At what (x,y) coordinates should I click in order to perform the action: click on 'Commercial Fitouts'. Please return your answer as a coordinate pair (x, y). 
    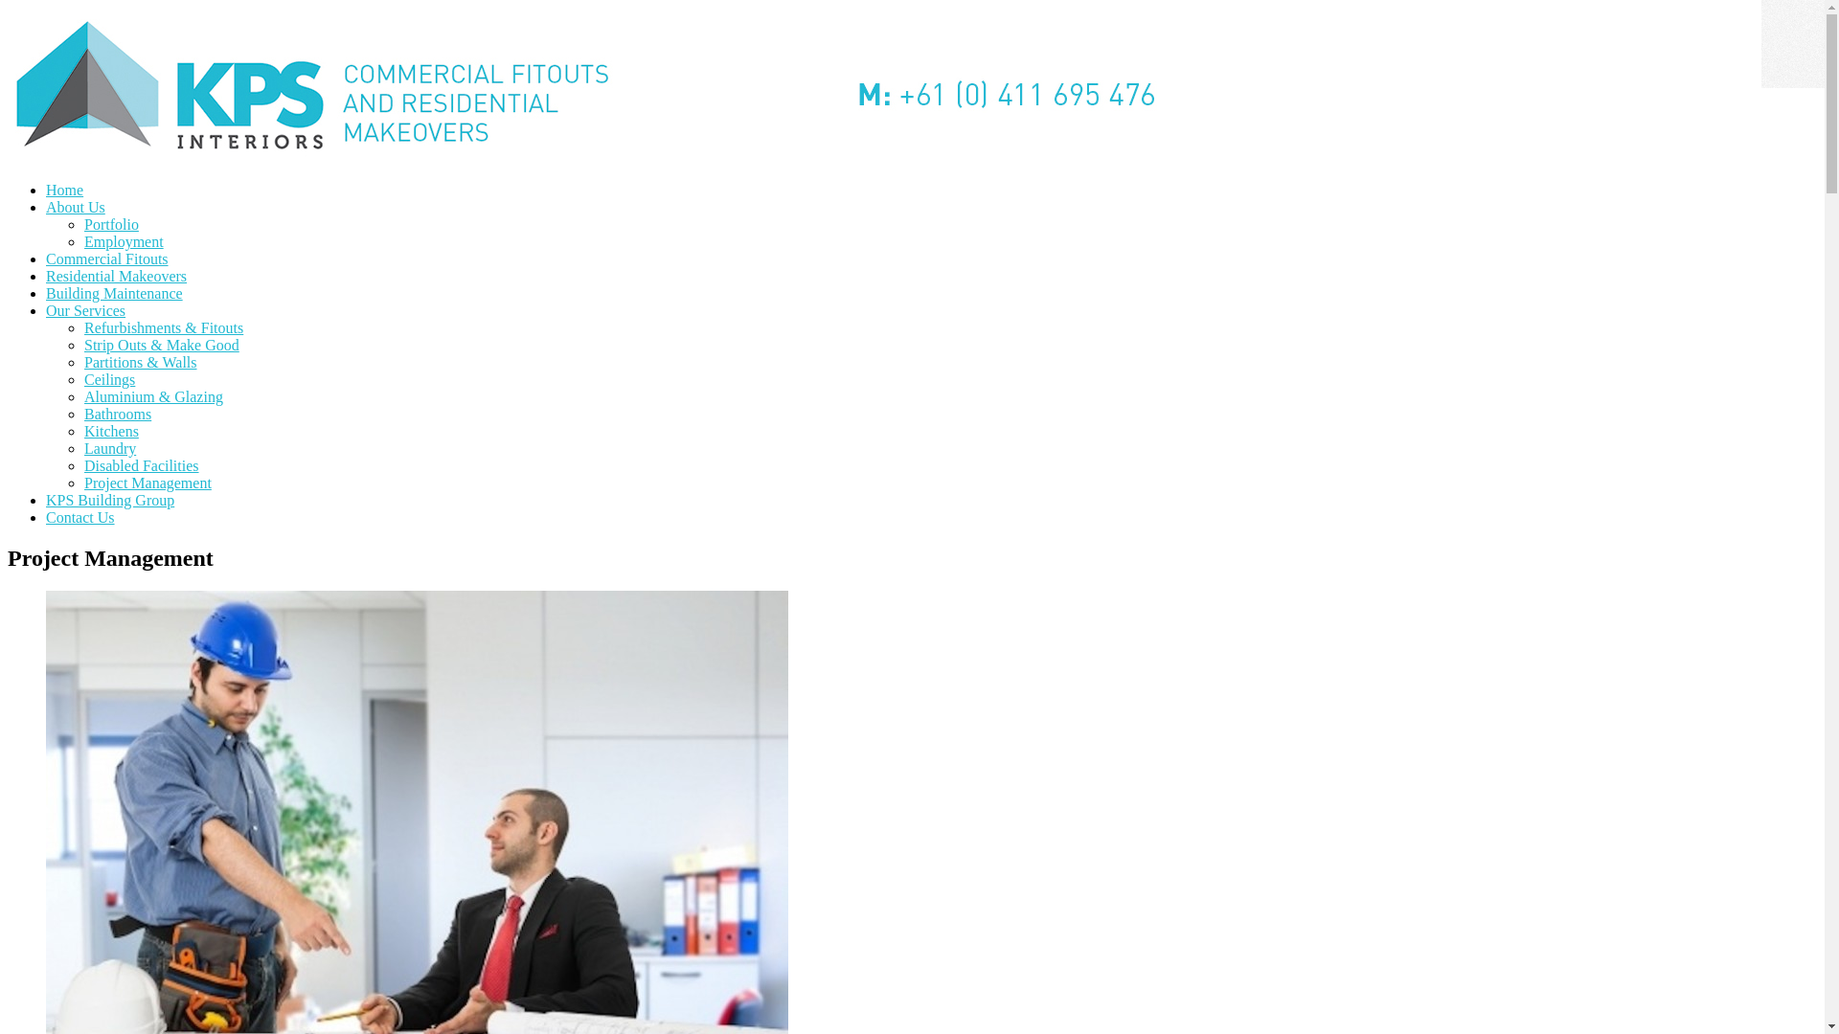
    Looking at the image, I should click on (105, 258).